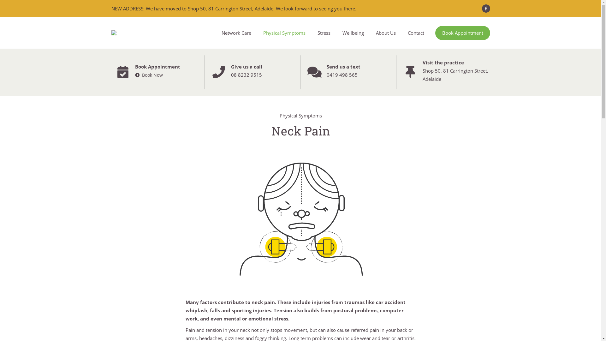  Describe the element at coordinates (148, 75) in the screenshot. I see `'Book Now'` at that location.